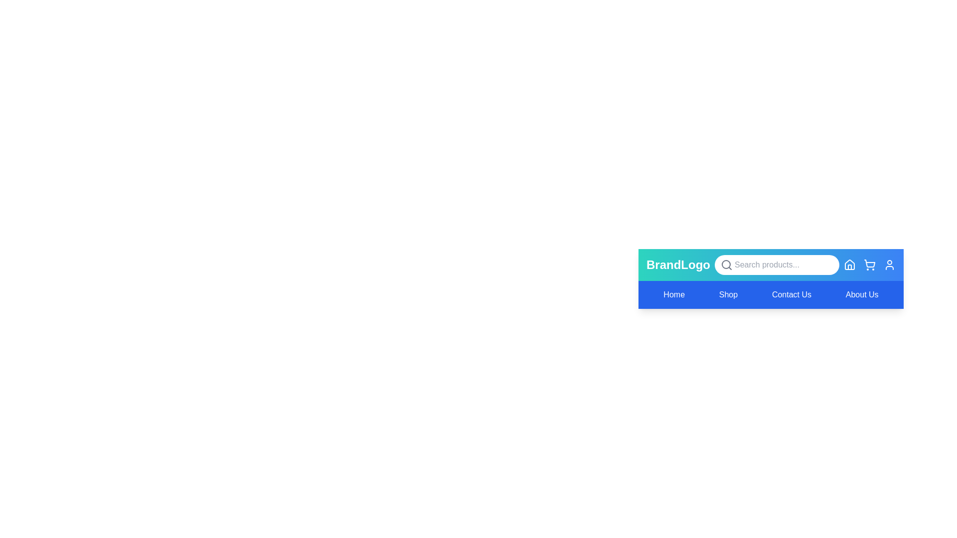 This screenshot has height=538, width=957. What do you see at coordinates (674, 294) in the screenshot?
I see `the navigation menu item Home` at bounding box center [674, 294].